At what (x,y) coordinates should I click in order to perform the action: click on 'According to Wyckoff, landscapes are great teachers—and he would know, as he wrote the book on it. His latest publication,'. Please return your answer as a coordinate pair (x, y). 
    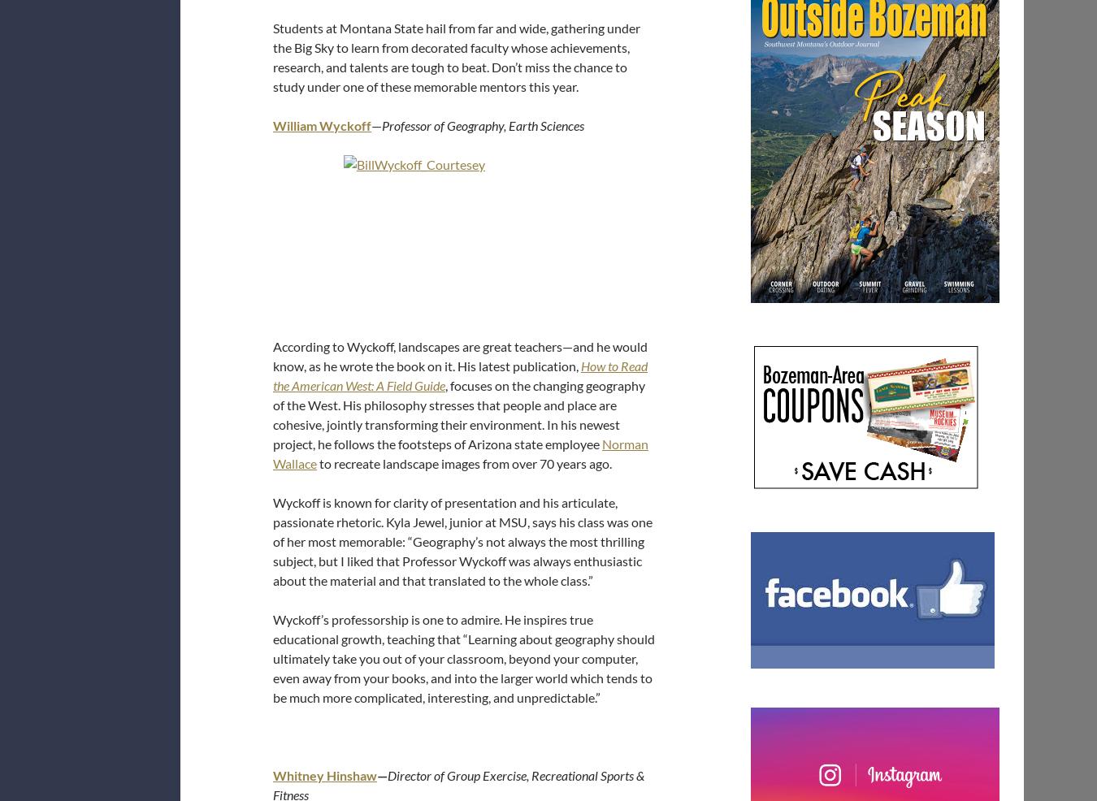
    Looking at the image, I should click on (460, 356).